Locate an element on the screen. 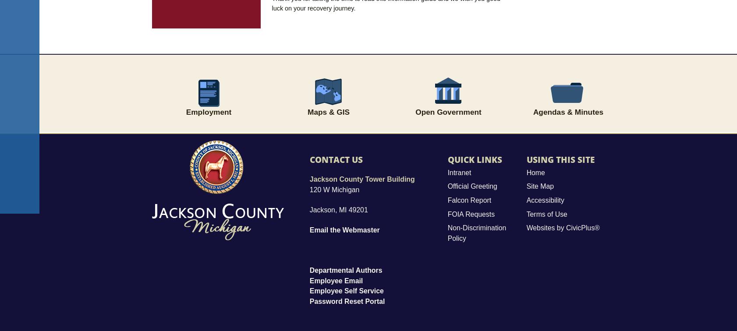 The image size is (737, 331). 'Employment' is located at coordinates (209, 111).